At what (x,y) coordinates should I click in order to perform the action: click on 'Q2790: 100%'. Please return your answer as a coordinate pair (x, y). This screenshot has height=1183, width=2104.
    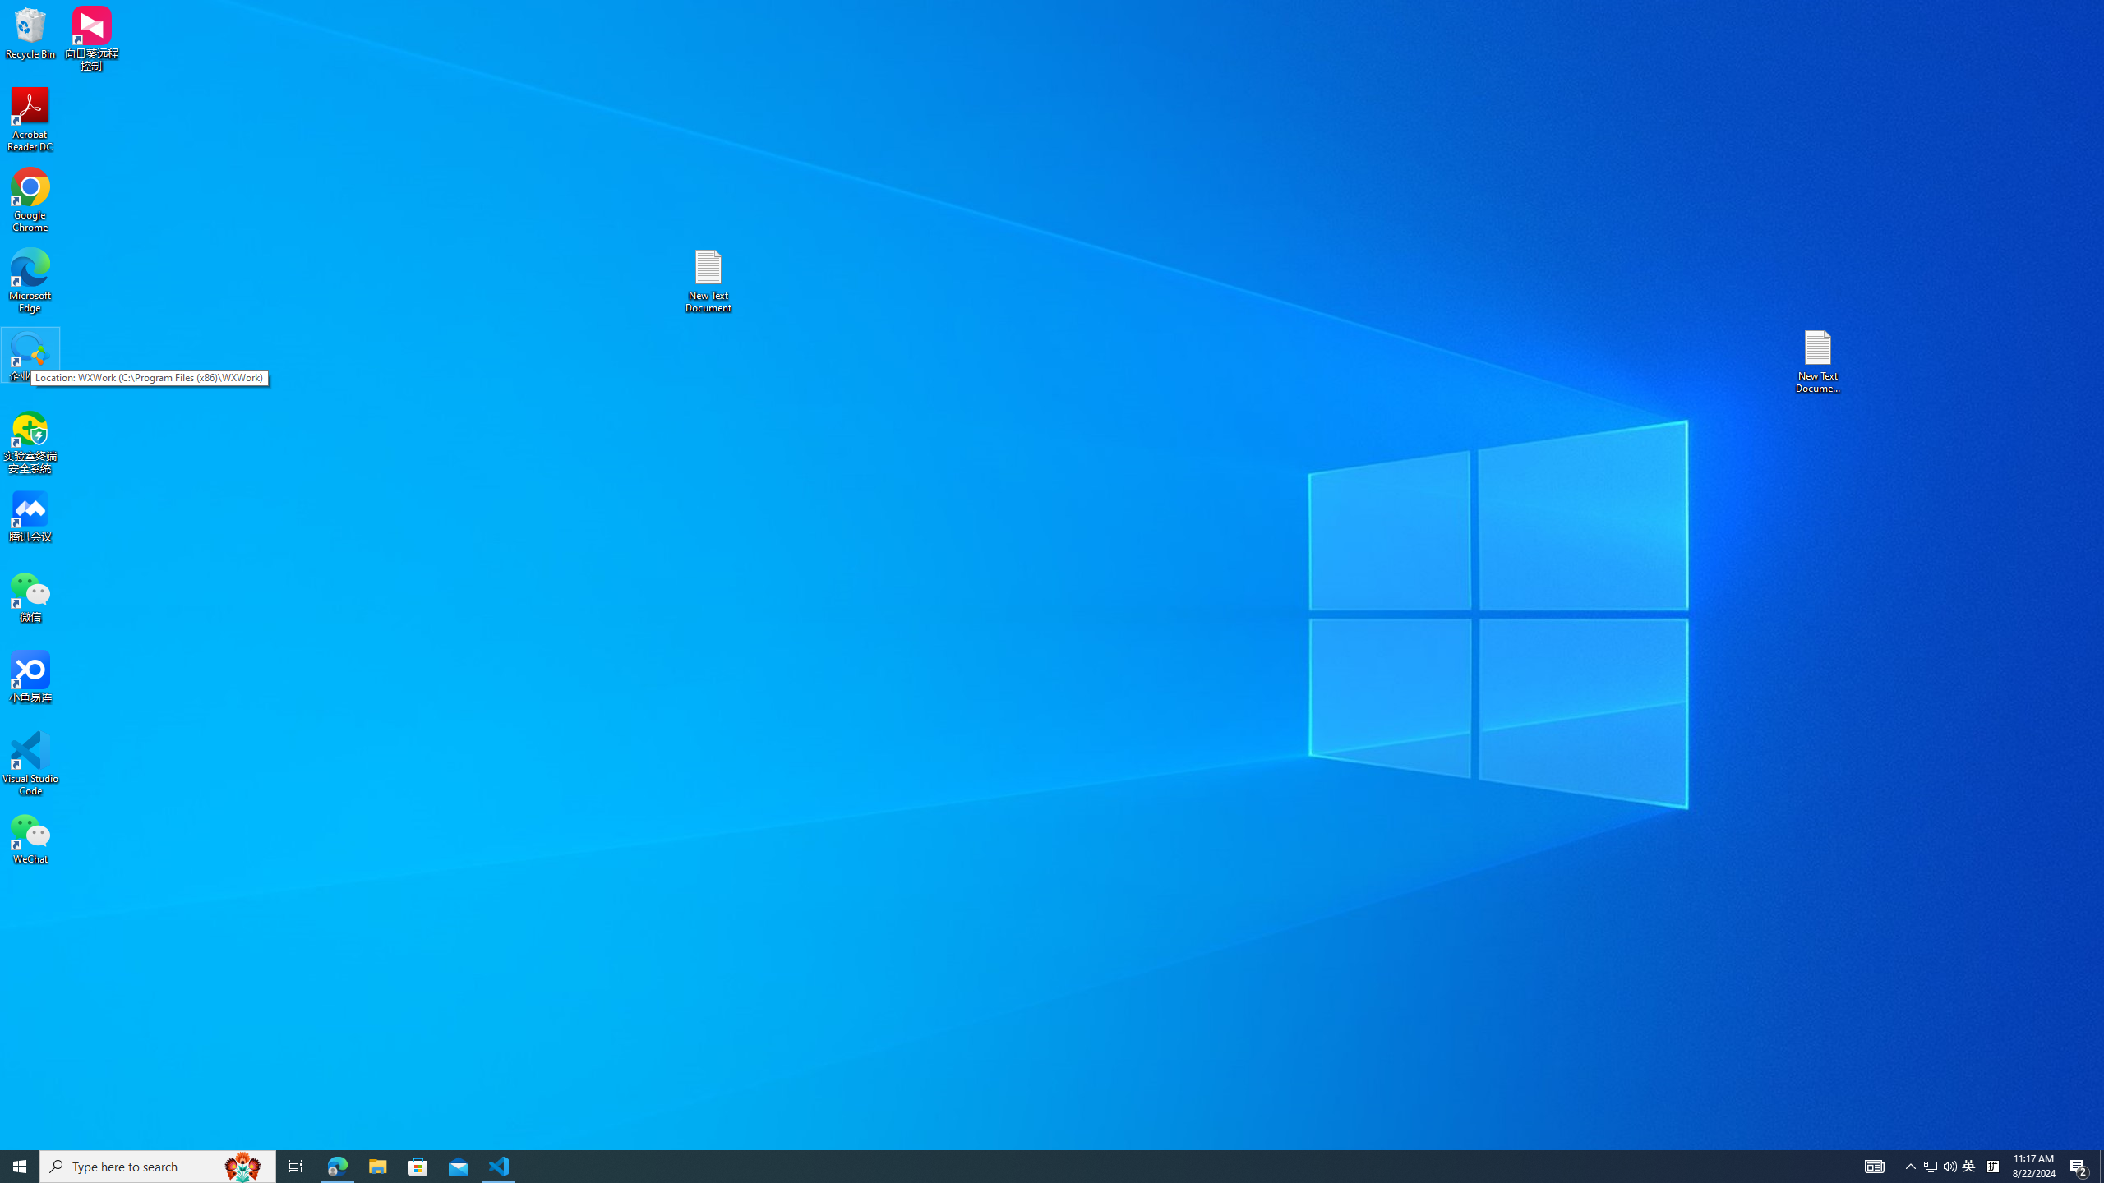
    Looking at the image, I should click on (1949, 1165).